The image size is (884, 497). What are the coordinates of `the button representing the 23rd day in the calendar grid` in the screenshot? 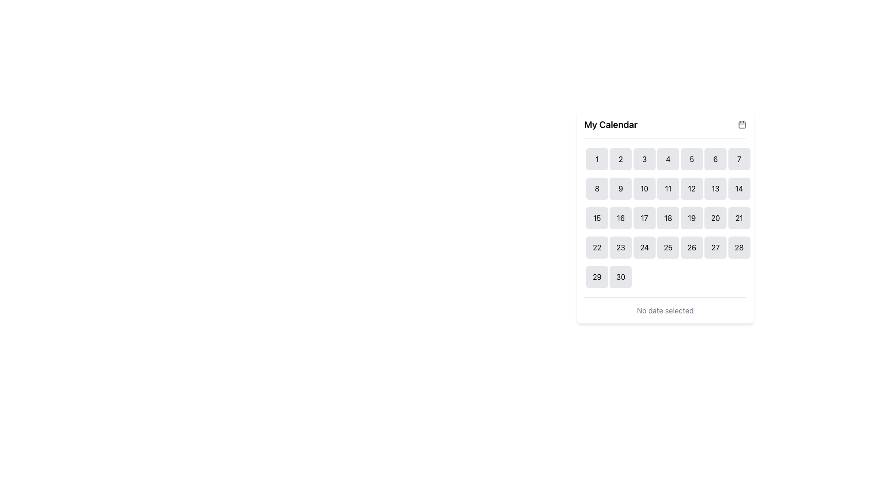 It's located at (621, 247).